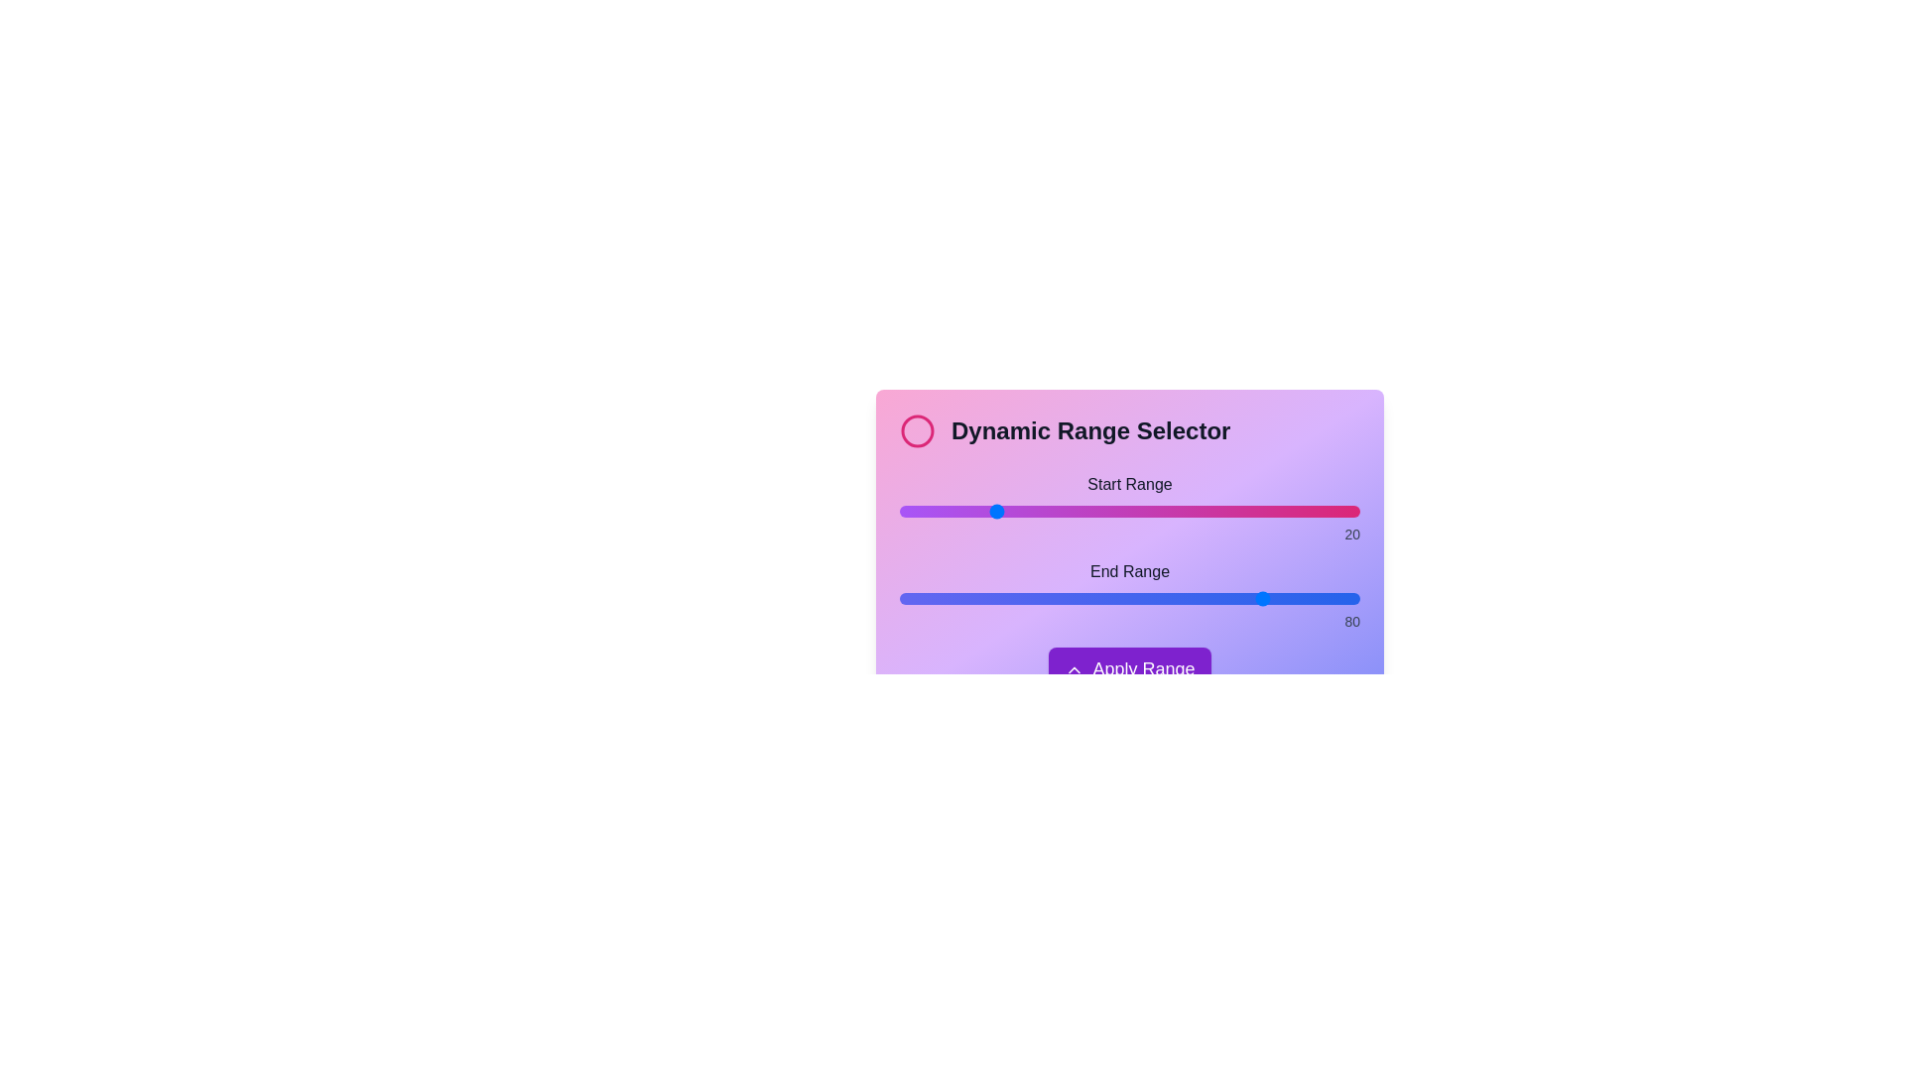  I want to click on the start range slider to 28 by dragging the slider to the desired position, so click(1028, 511).